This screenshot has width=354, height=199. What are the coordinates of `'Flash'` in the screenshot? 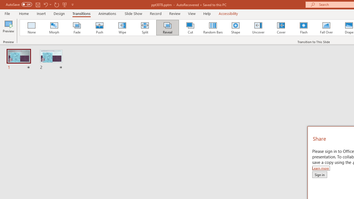 It's located at (303, 28).